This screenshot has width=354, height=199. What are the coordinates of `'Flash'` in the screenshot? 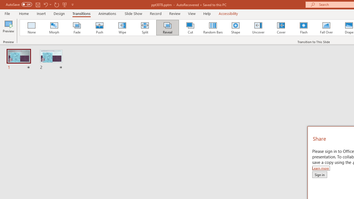 It's located at (303, 28).